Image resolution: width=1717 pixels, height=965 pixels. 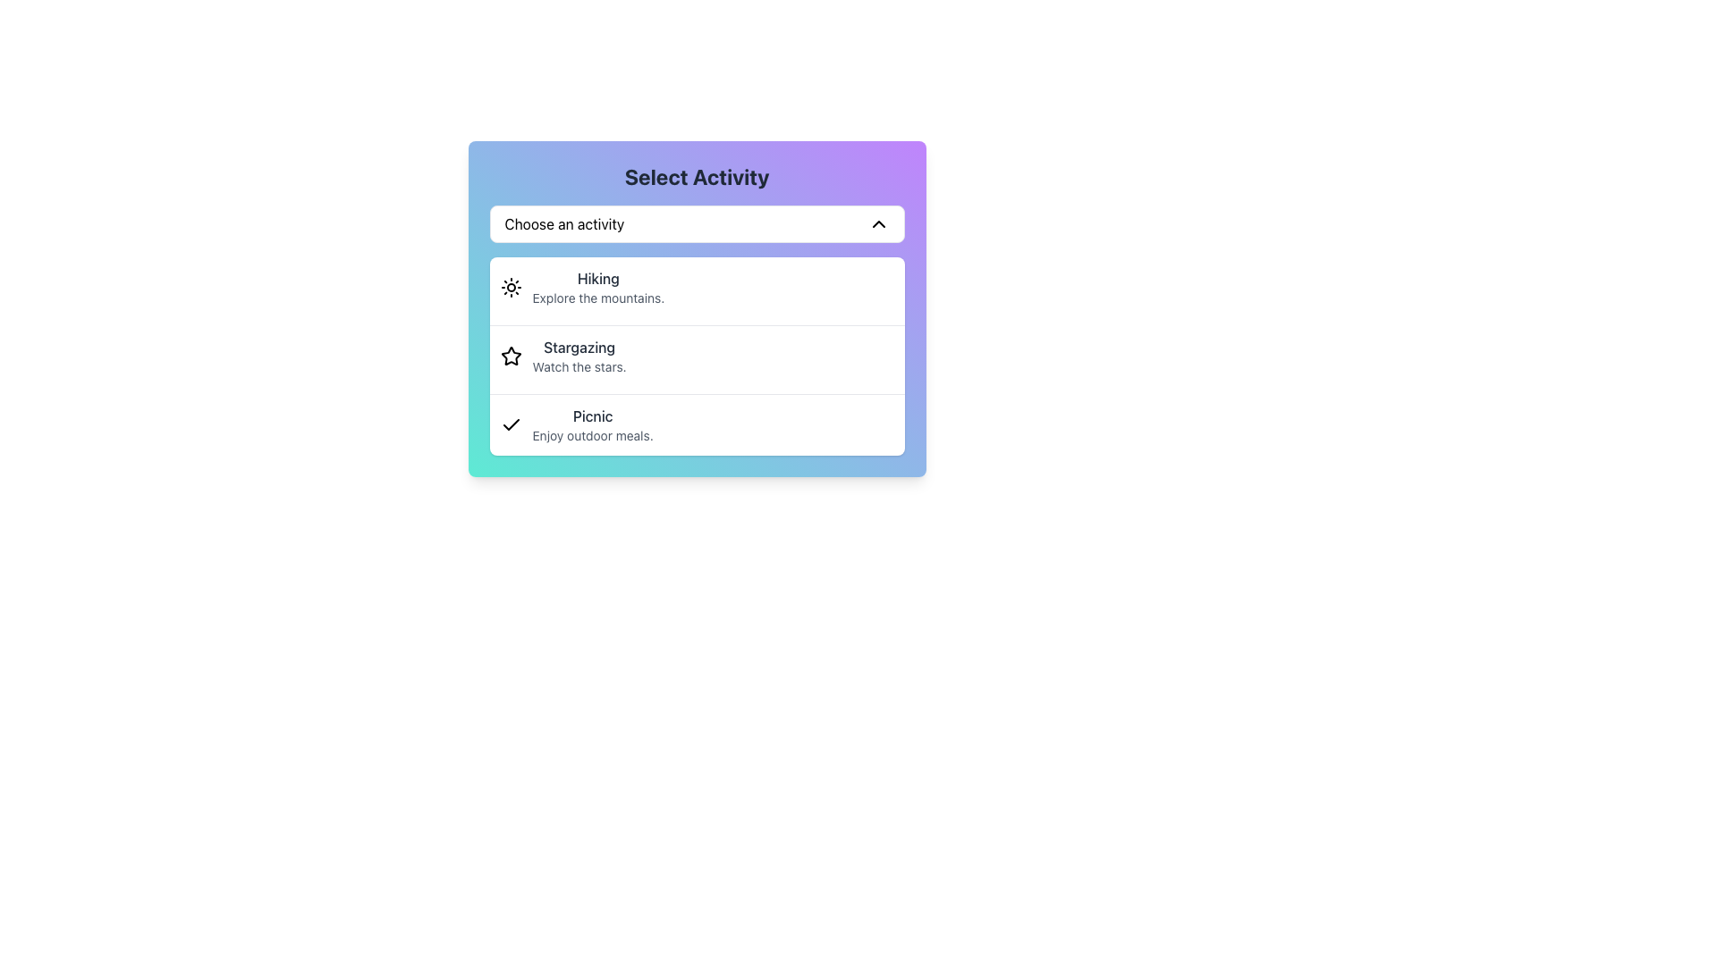 I want to click on the static text label that serves as the title for the selectable option in the dropdown menu, positioned below 'Hiking', so click(x=579, y=348).